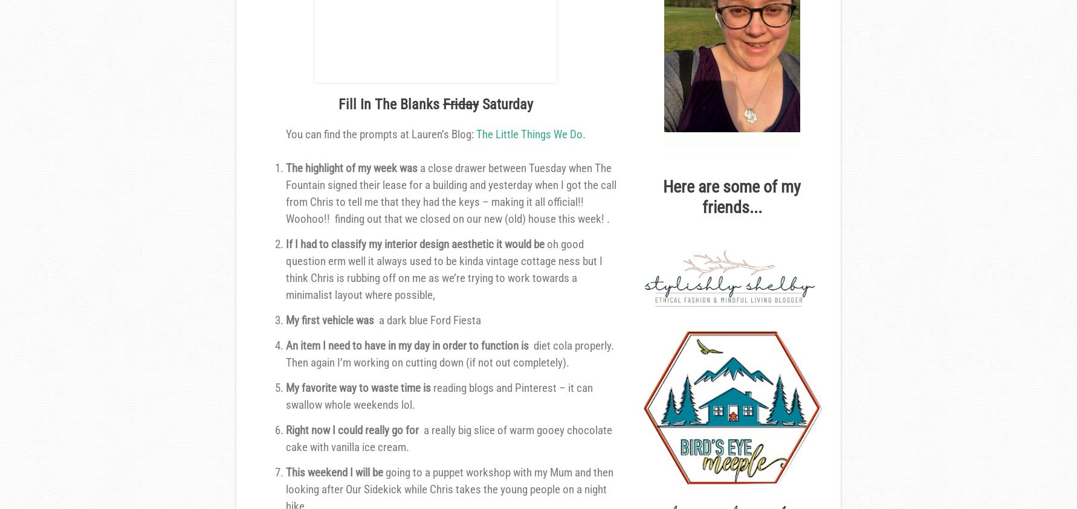 Image resolution: width=1077 pixels, height=509 pixels. What do you see at coordinates (662, 196) in the screenshot?
I see `'Here are some of my friends...'` at bounding box center [662, 196].